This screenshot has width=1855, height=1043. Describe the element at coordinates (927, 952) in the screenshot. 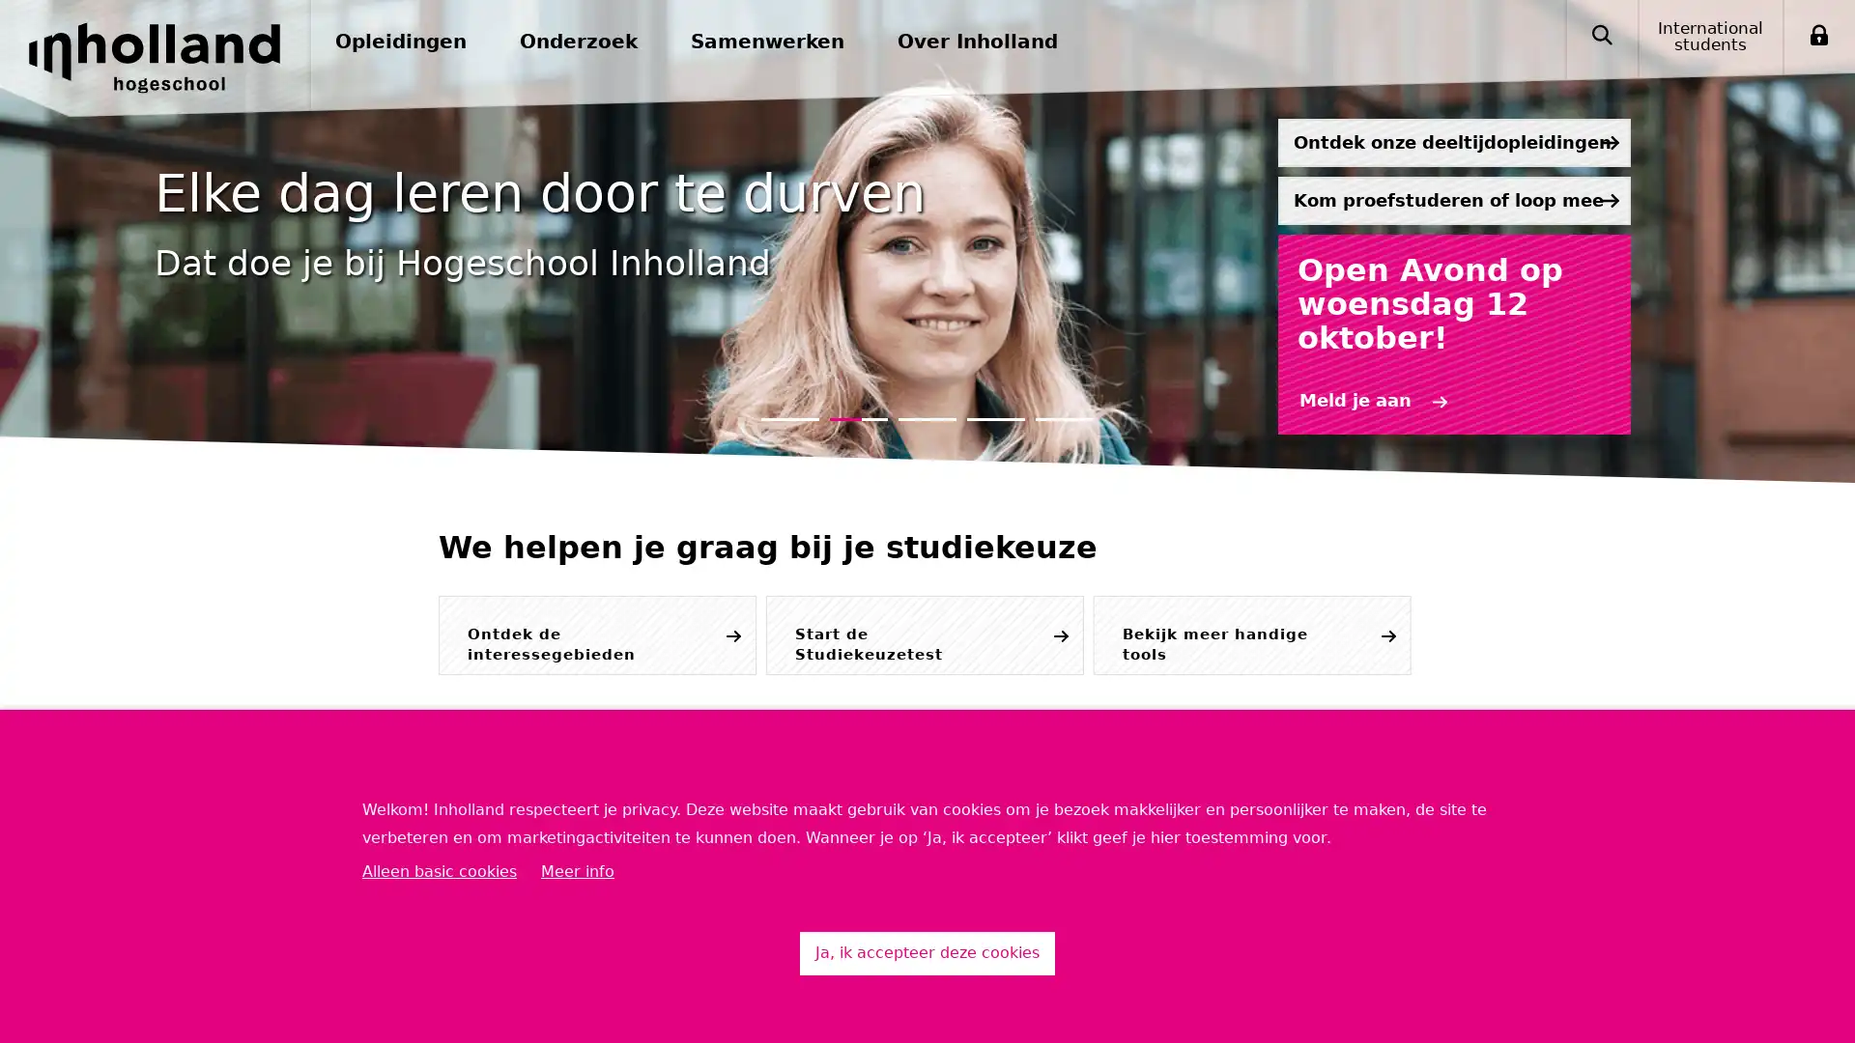

I see `Ja, ik accepteer deze cookies` at that location.